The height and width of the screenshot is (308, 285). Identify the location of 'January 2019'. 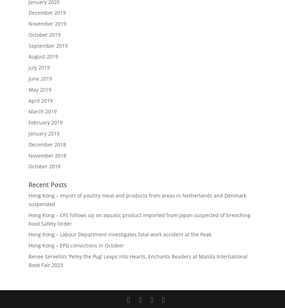
(43, 133).